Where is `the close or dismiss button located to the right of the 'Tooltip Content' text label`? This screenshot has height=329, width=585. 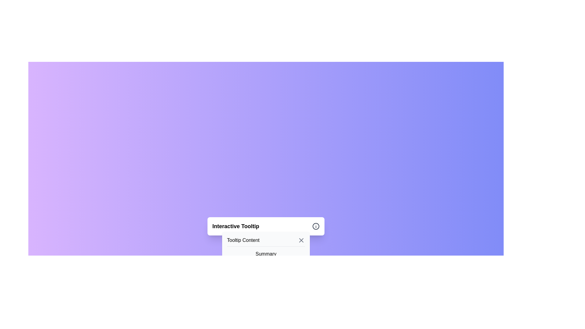 the close or dismiss button located to the right of the 'Tooltip Content' text label is located at coordinates (301, 240).